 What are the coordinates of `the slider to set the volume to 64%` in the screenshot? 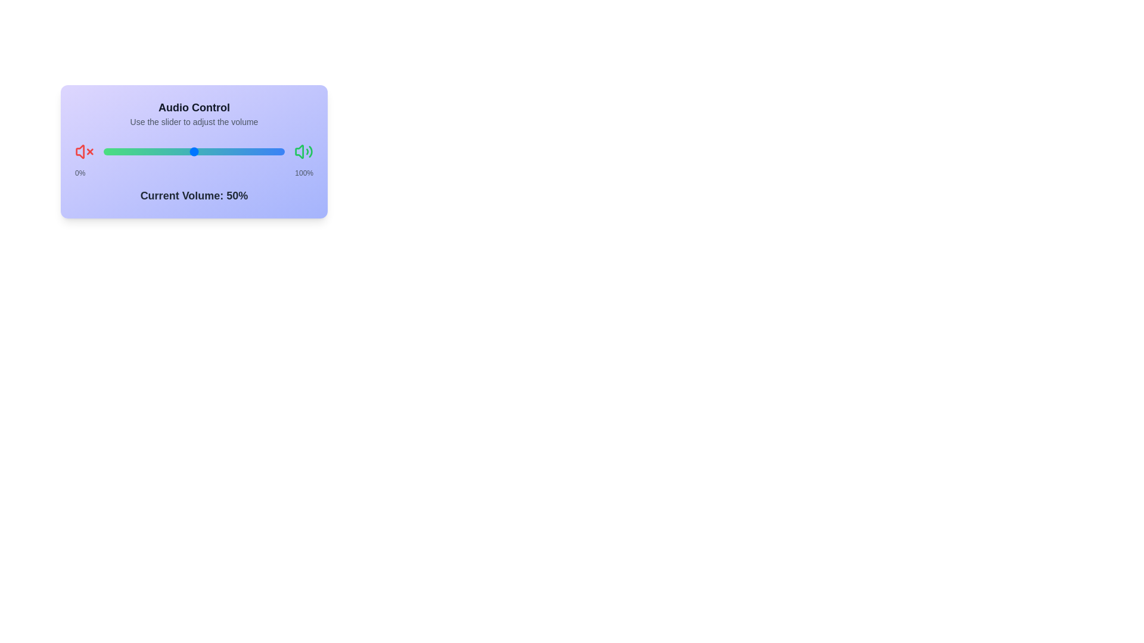 It's located at (103, 151).